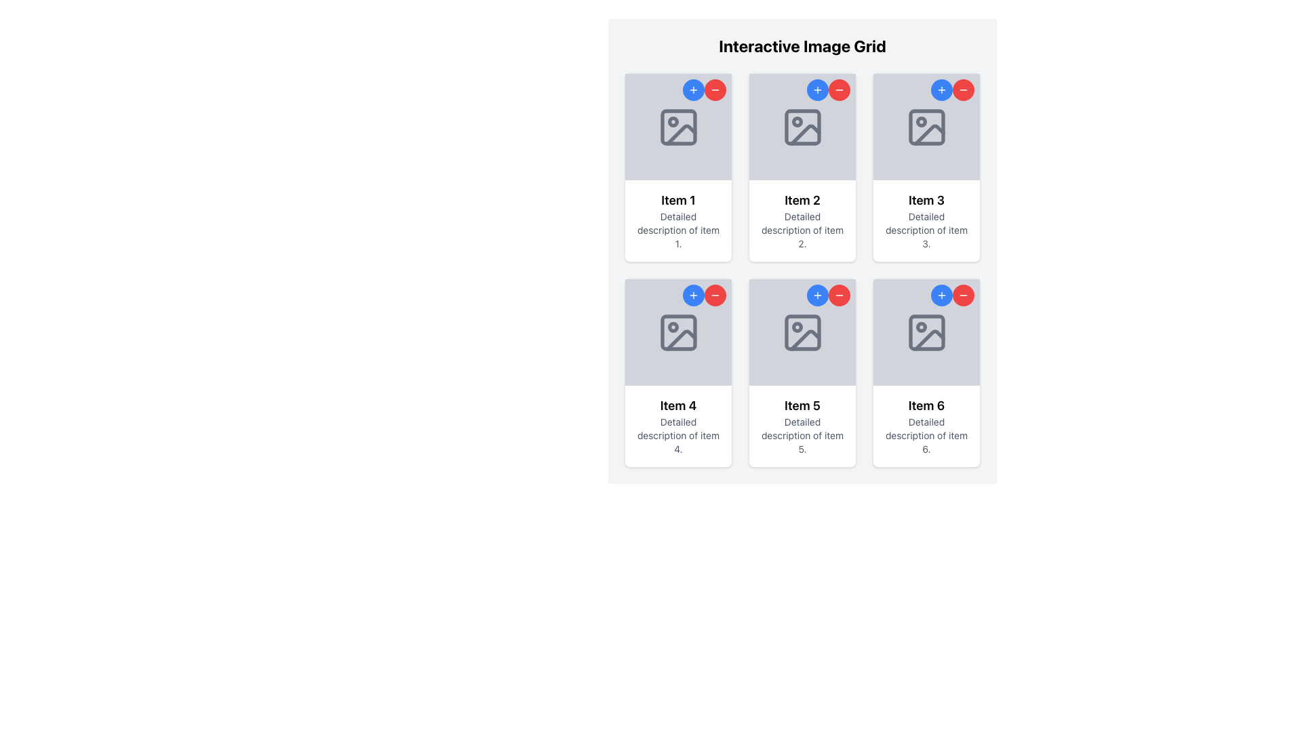 The image size is (1302, 732). What do you see at coordinates (715, 294) in the screenshot?
I see `the button in the top-right corner of the card labeled 'Item 5', which serves as a decrement or removal action` at bounding box center [715, 294].